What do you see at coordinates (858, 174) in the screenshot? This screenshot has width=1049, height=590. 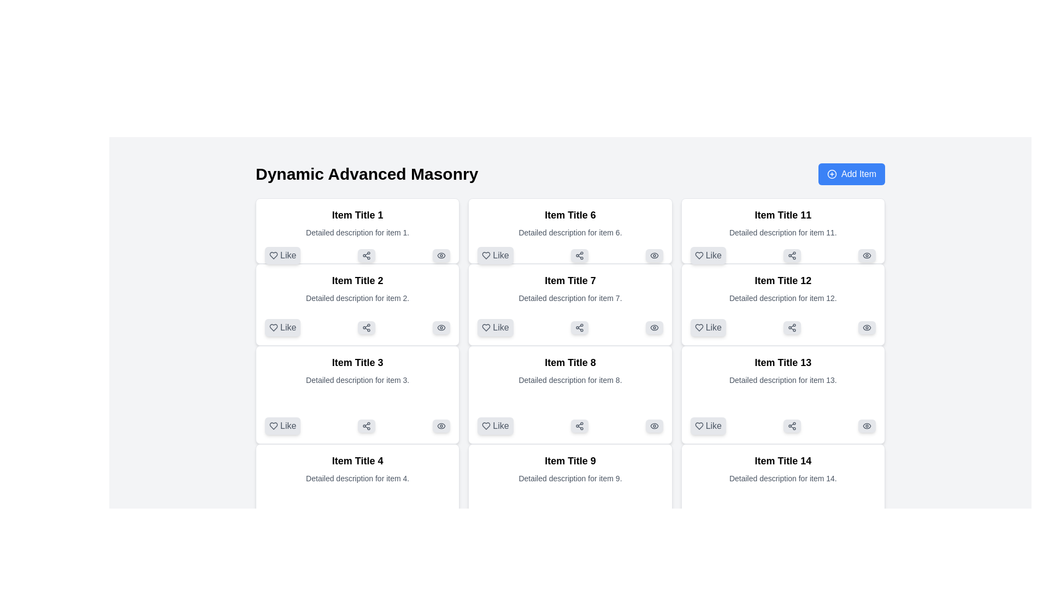 I see `the text label within the blue button in the top-right section of the interface` at bounding box center [858, 174].